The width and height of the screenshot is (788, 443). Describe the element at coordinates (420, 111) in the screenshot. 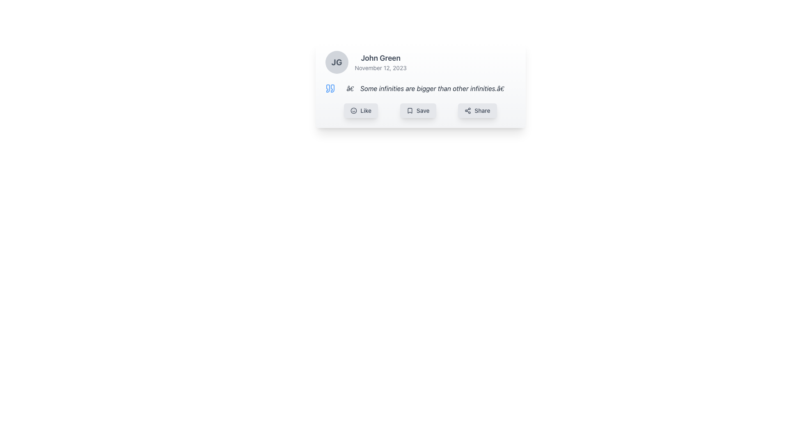

I see `the Action Bar buttons located directly below the quote and user information section` at that location.